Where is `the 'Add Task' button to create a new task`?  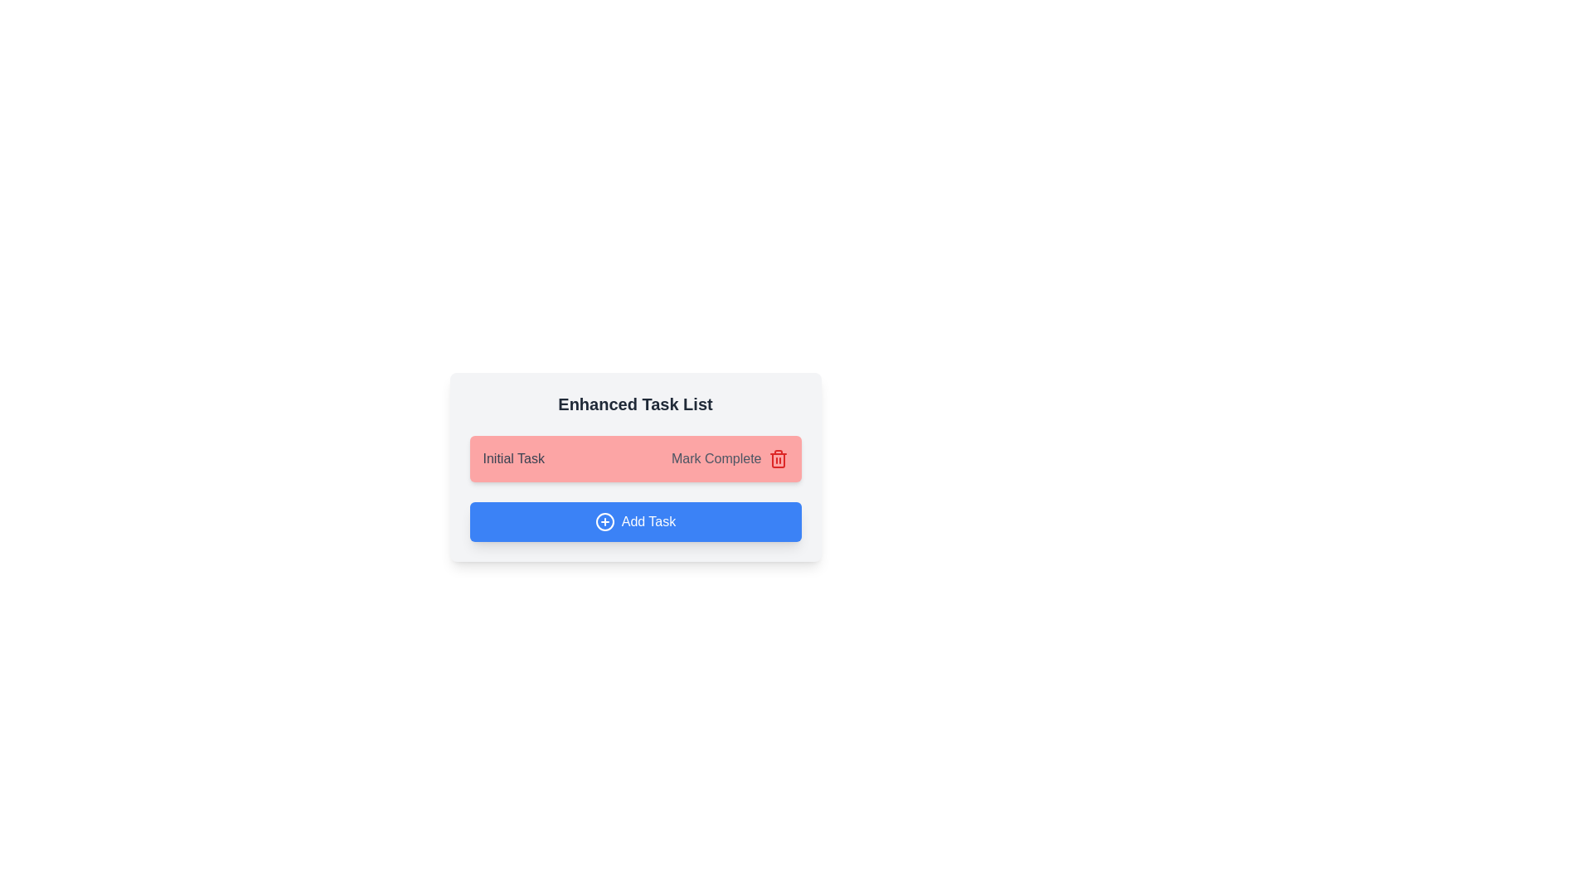 the 'Add Task' button to create a new task is located at coordinates (634, 520).